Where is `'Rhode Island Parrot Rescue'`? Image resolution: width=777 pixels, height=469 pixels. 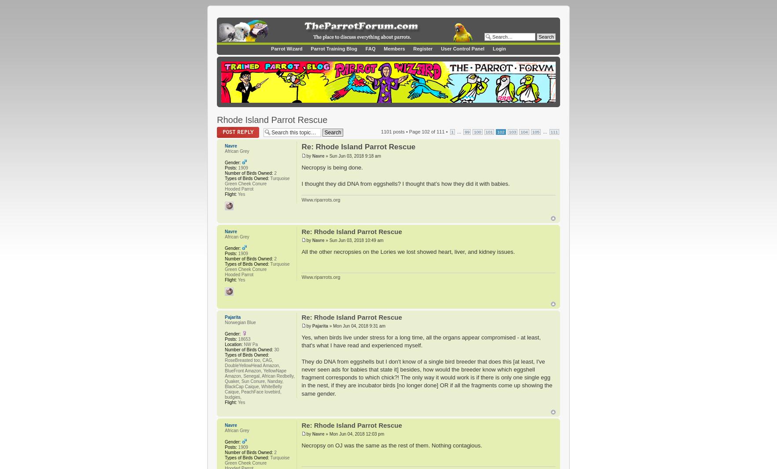
'Rhode Island Parrot Rescue' is located at coordinates (272, 119).